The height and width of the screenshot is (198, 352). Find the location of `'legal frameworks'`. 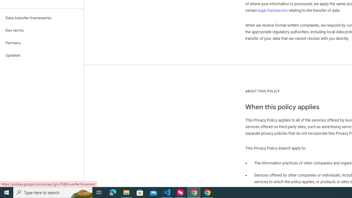

'legal frameworks' is located at coordinates (273, 10).